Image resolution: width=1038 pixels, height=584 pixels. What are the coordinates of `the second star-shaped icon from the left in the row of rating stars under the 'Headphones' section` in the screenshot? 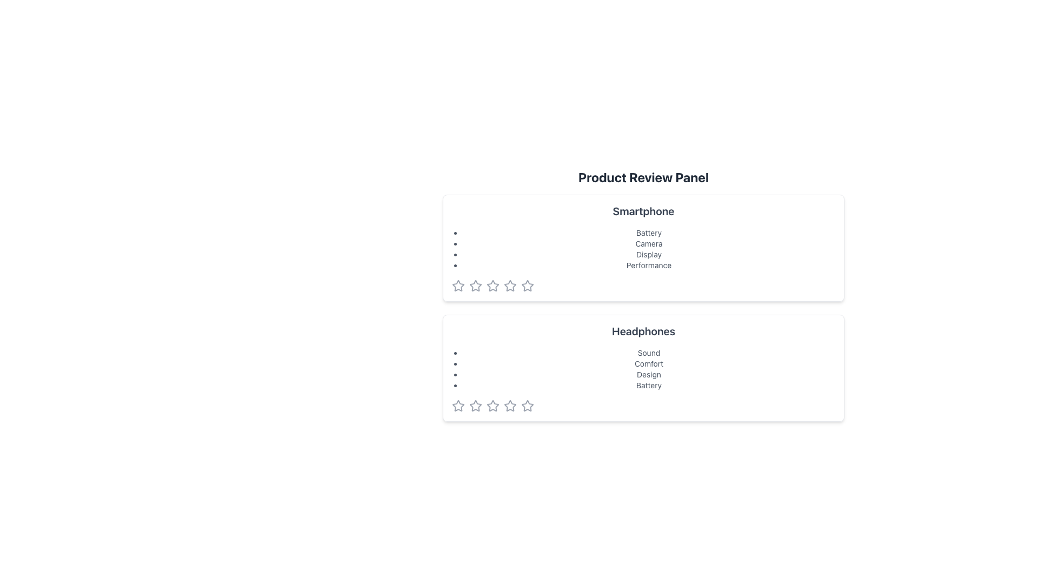 It's located at (493, 406).